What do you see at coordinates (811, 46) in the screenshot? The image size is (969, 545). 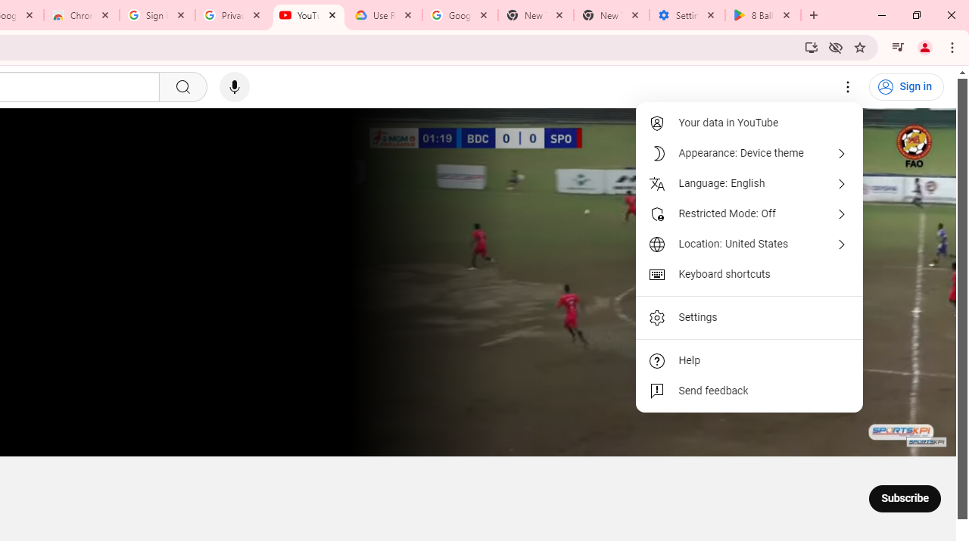 I see `'Install YouTube'` at bounding box center [811, 46].